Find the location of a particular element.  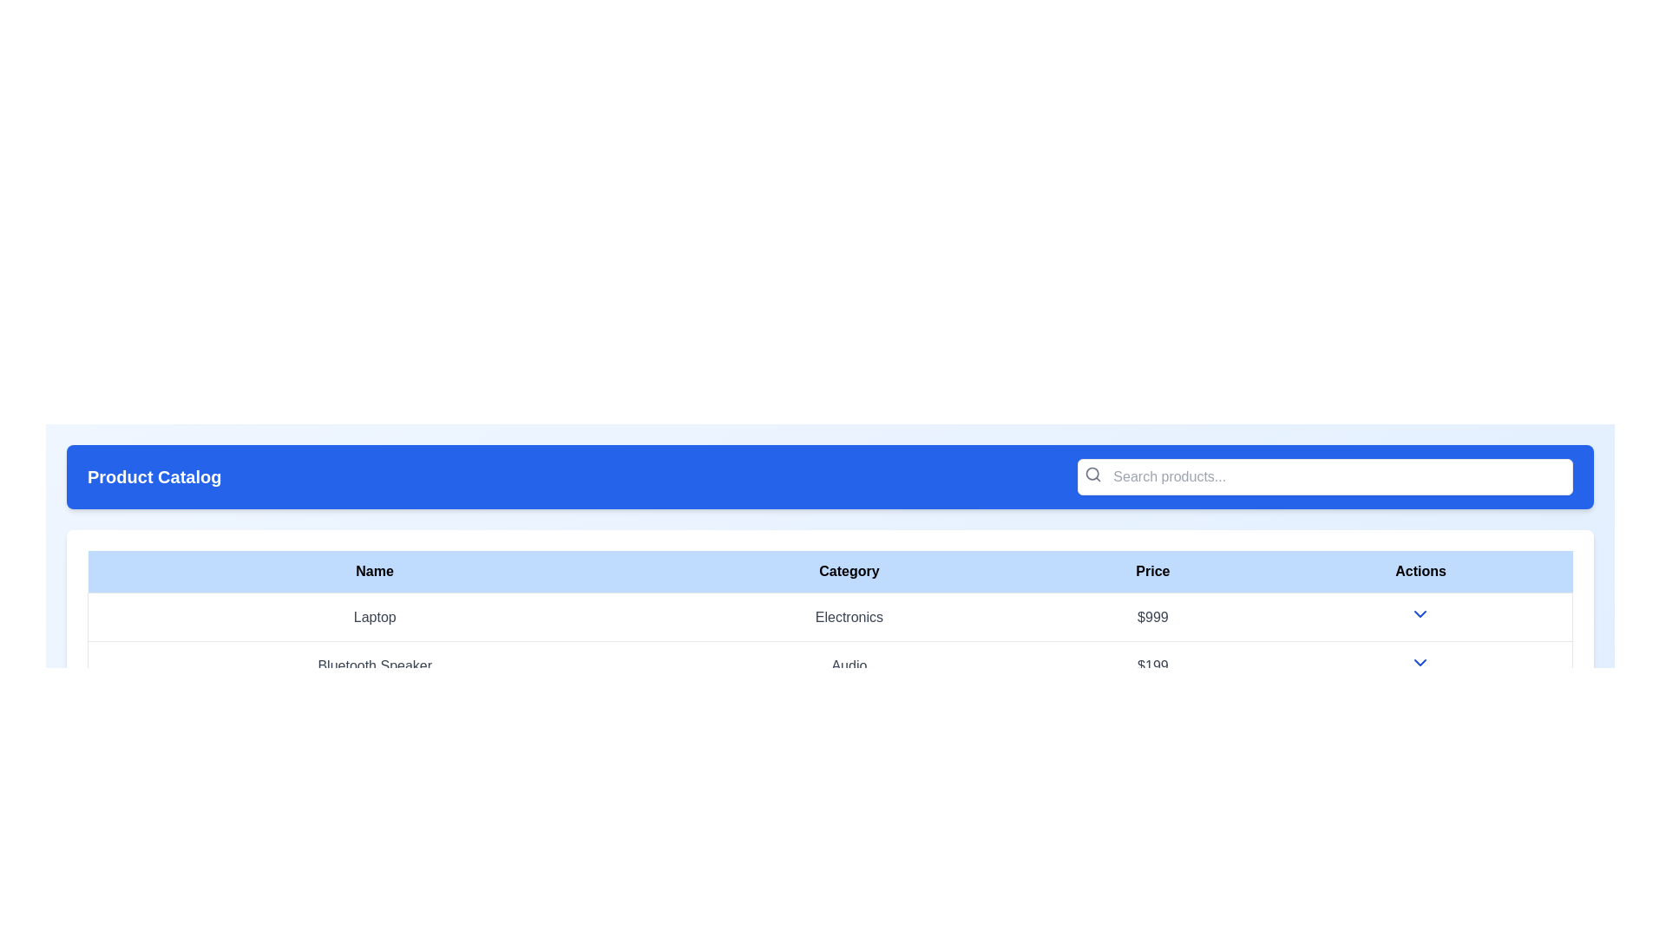

the search icon located at the top-left corner of the input field with the placeholder 'Search products...' is located at coordinates (1092, 475).